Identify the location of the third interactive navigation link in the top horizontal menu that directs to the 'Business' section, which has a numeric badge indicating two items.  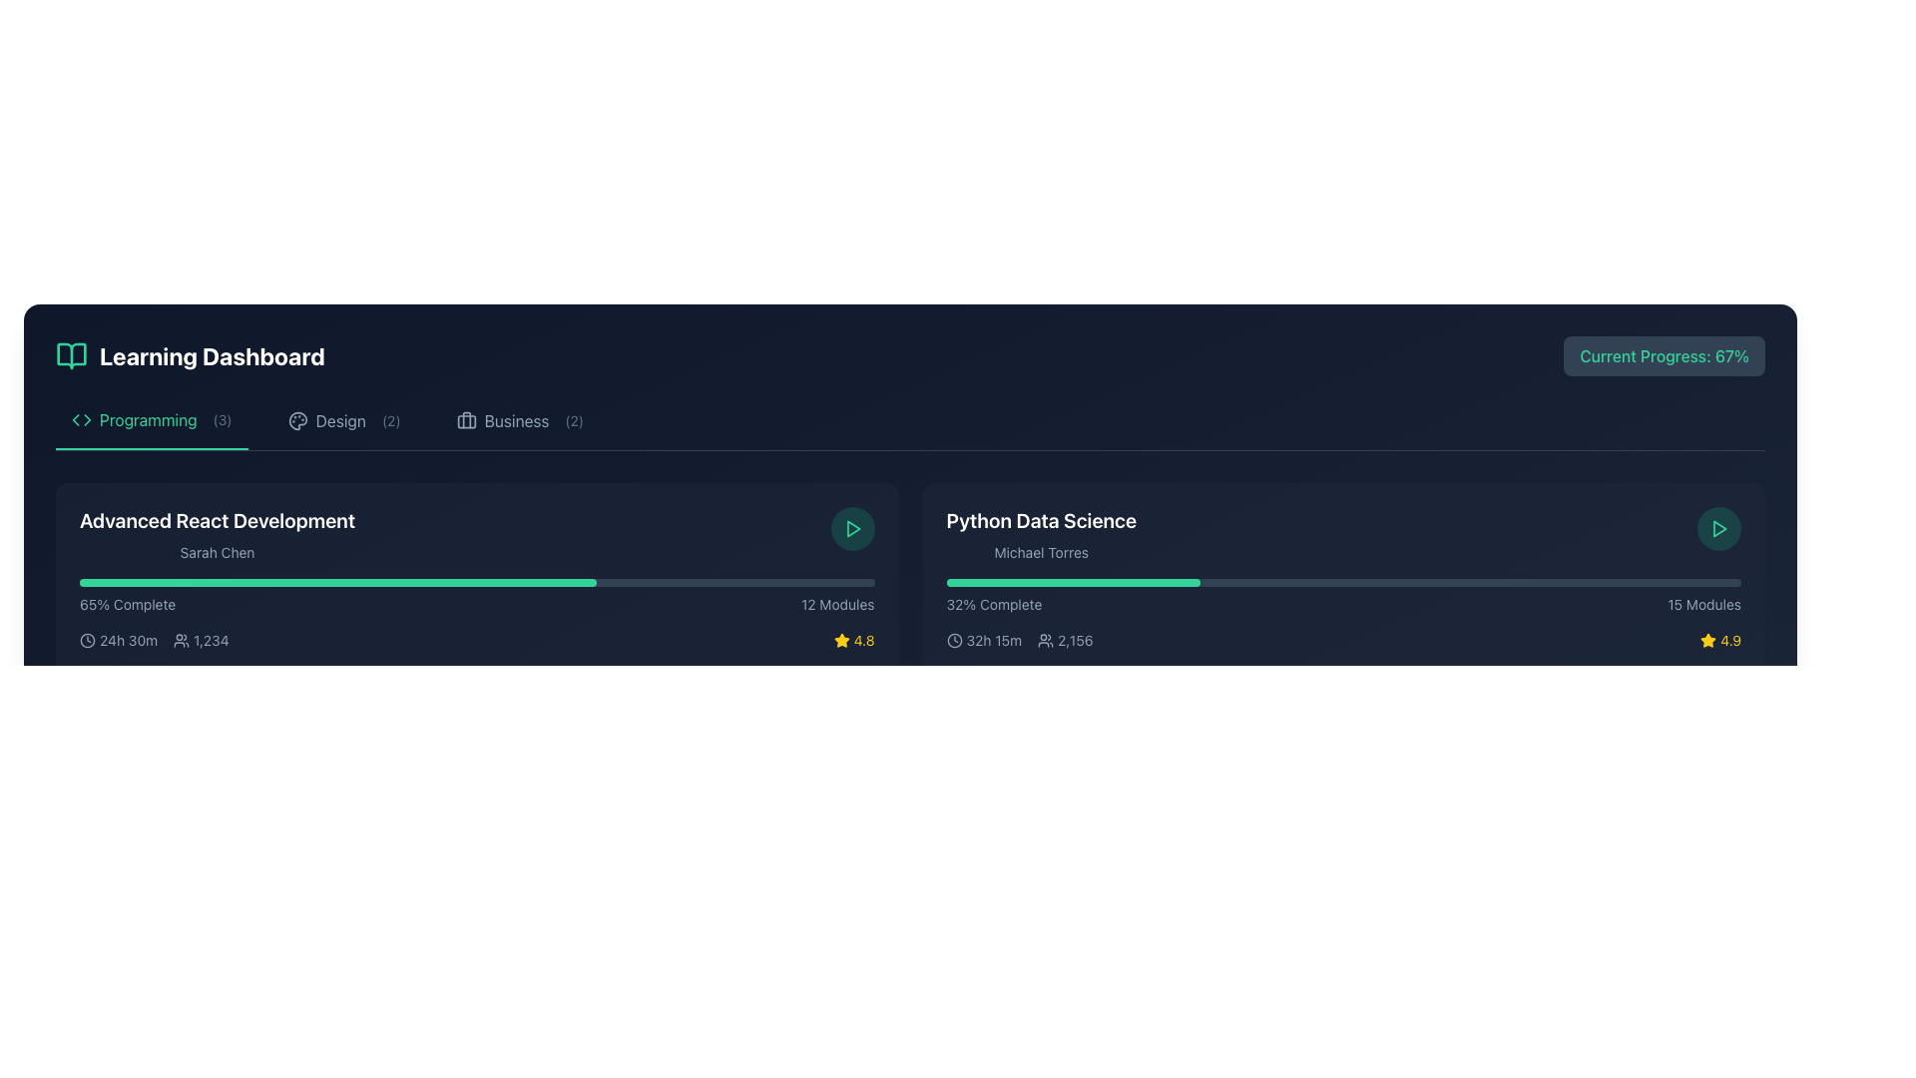
(520, 427).